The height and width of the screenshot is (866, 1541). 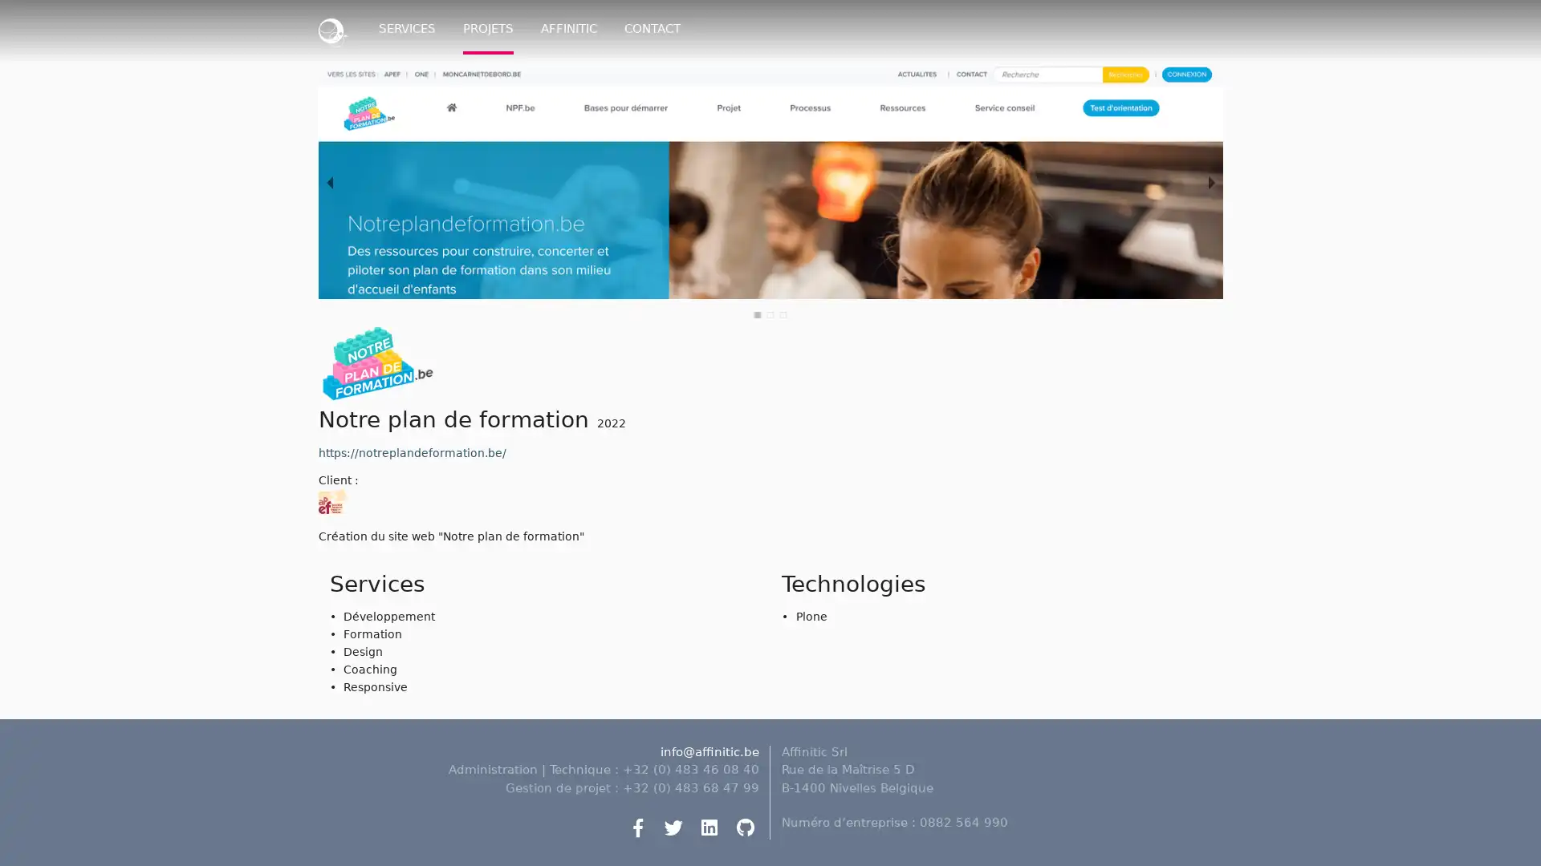 What do you see at coordinates (327, 232) in the screenshot?
I see `previous slide / item` at bounding box center [327, 232].